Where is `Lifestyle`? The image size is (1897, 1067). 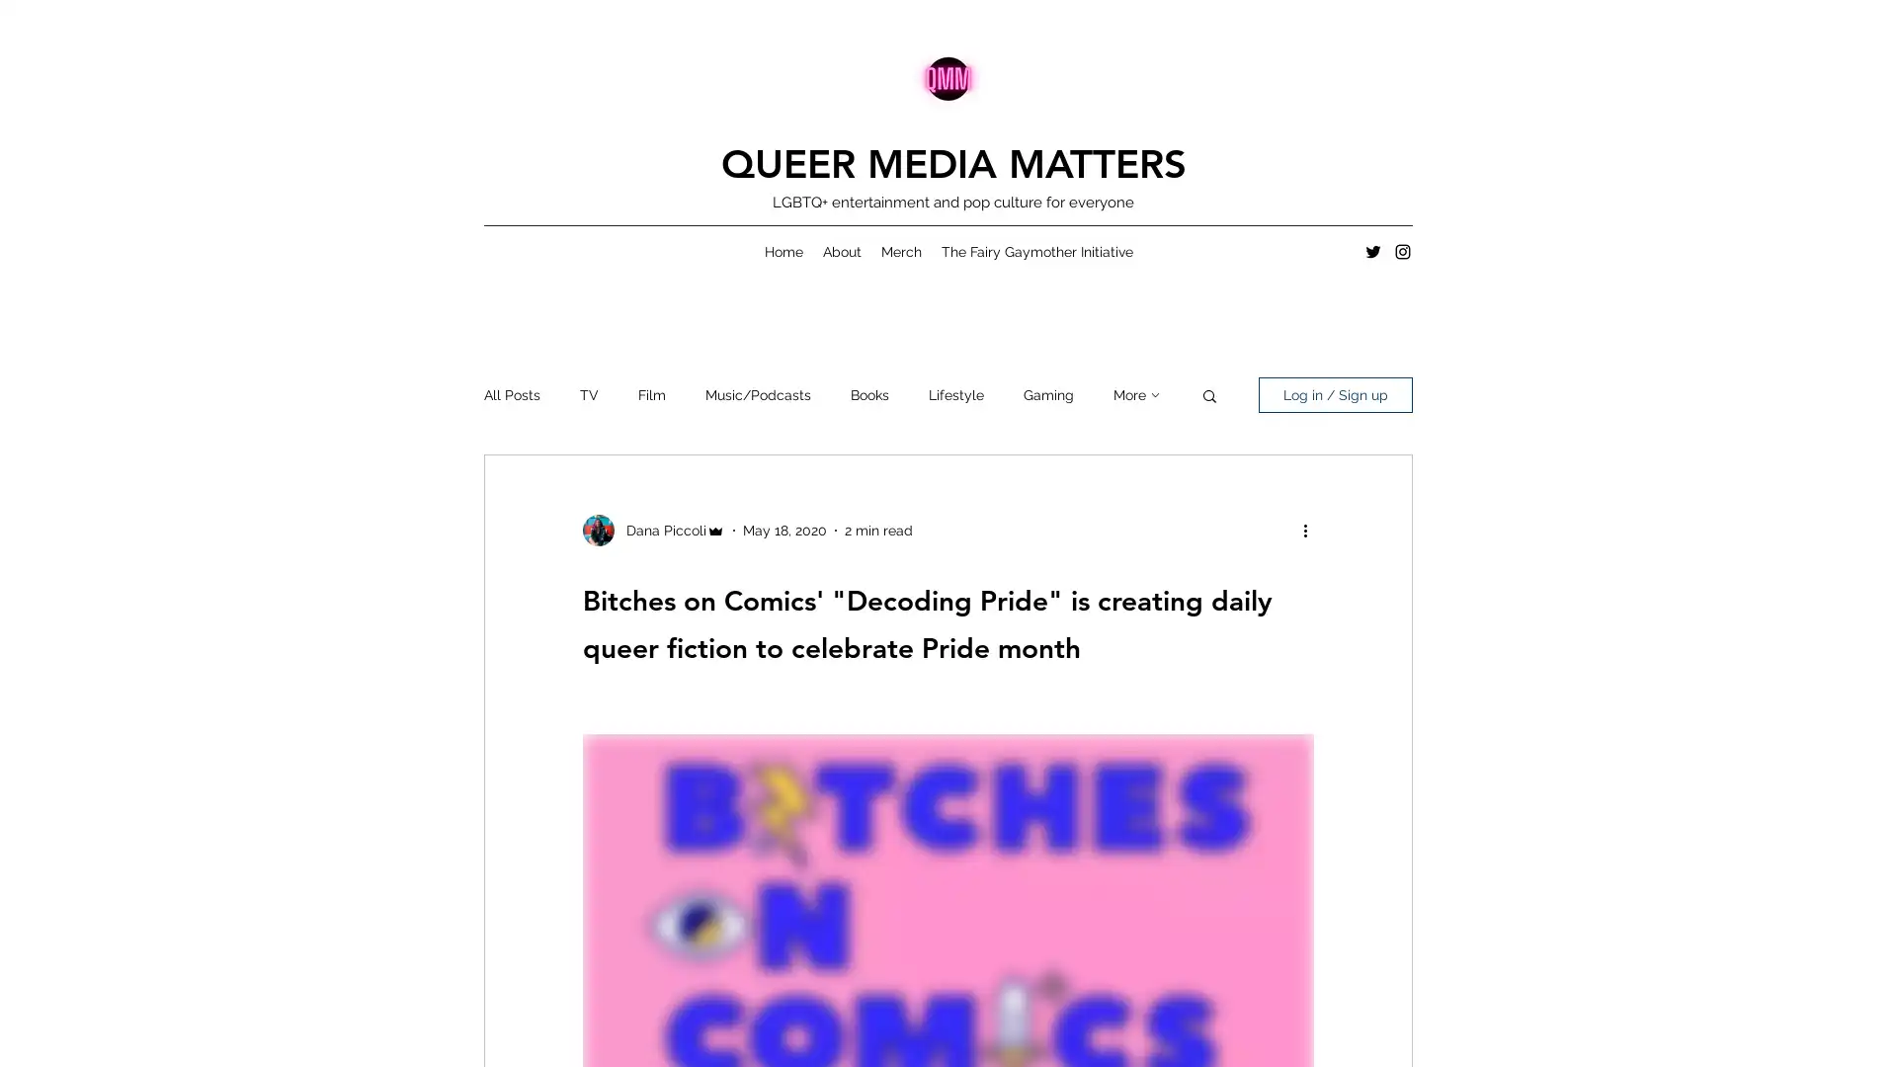 Lifestyle is located at coordinates (956, 395).